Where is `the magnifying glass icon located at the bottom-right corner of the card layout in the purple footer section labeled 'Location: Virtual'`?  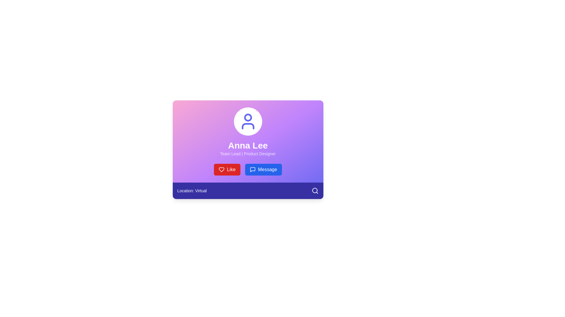
the magnifying glass icon located at the bottom-right corner of the card layout in the purple footer section labeled 'Location: Virtual' is located at coordinates (315, 191).